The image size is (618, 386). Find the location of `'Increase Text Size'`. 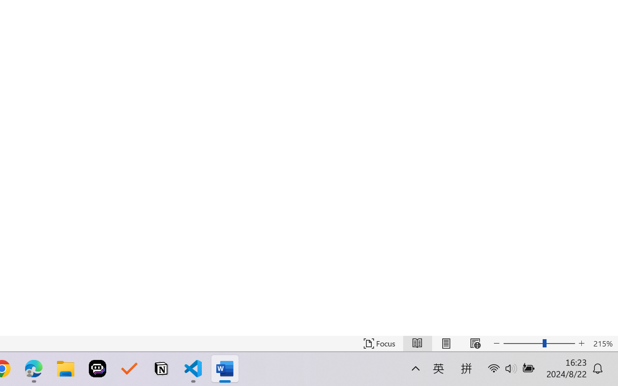

'Increase Text Size' is located at coordinates (581, 343).